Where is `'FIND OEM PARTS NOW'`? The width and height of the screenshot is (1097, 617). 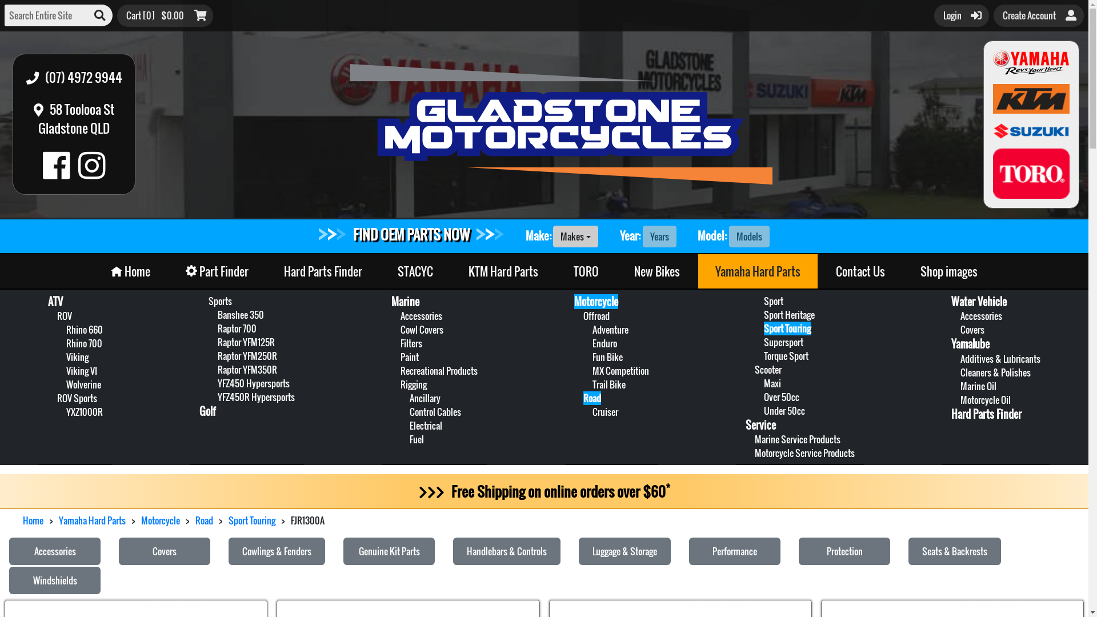
'FIND OEM PARTS NOW' is located at coordinates (411, 233).